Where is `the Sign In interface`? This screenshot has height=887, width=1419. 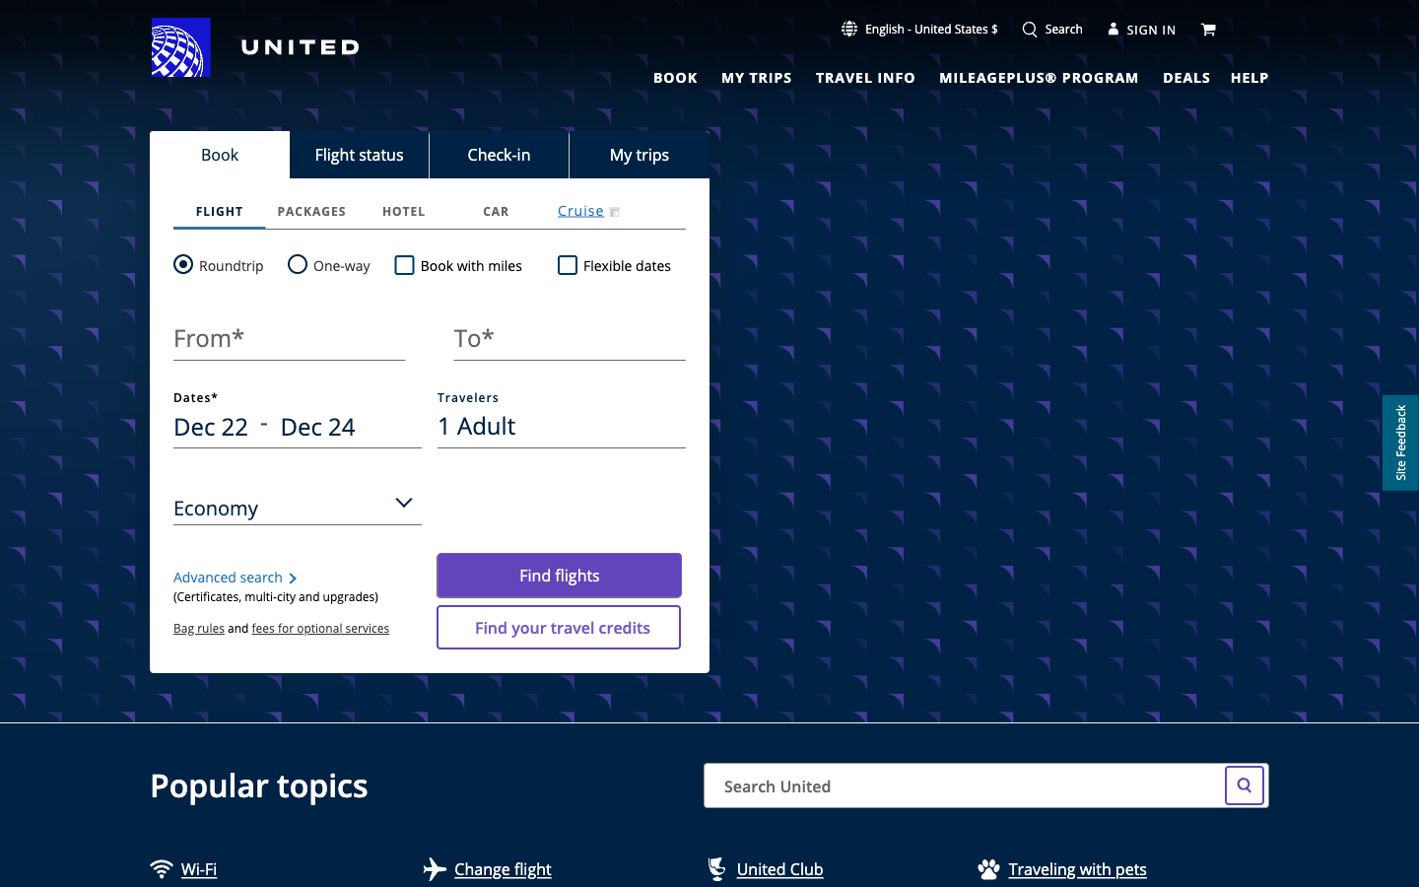 the Sign In interface is located at coordinates (1142, 28).